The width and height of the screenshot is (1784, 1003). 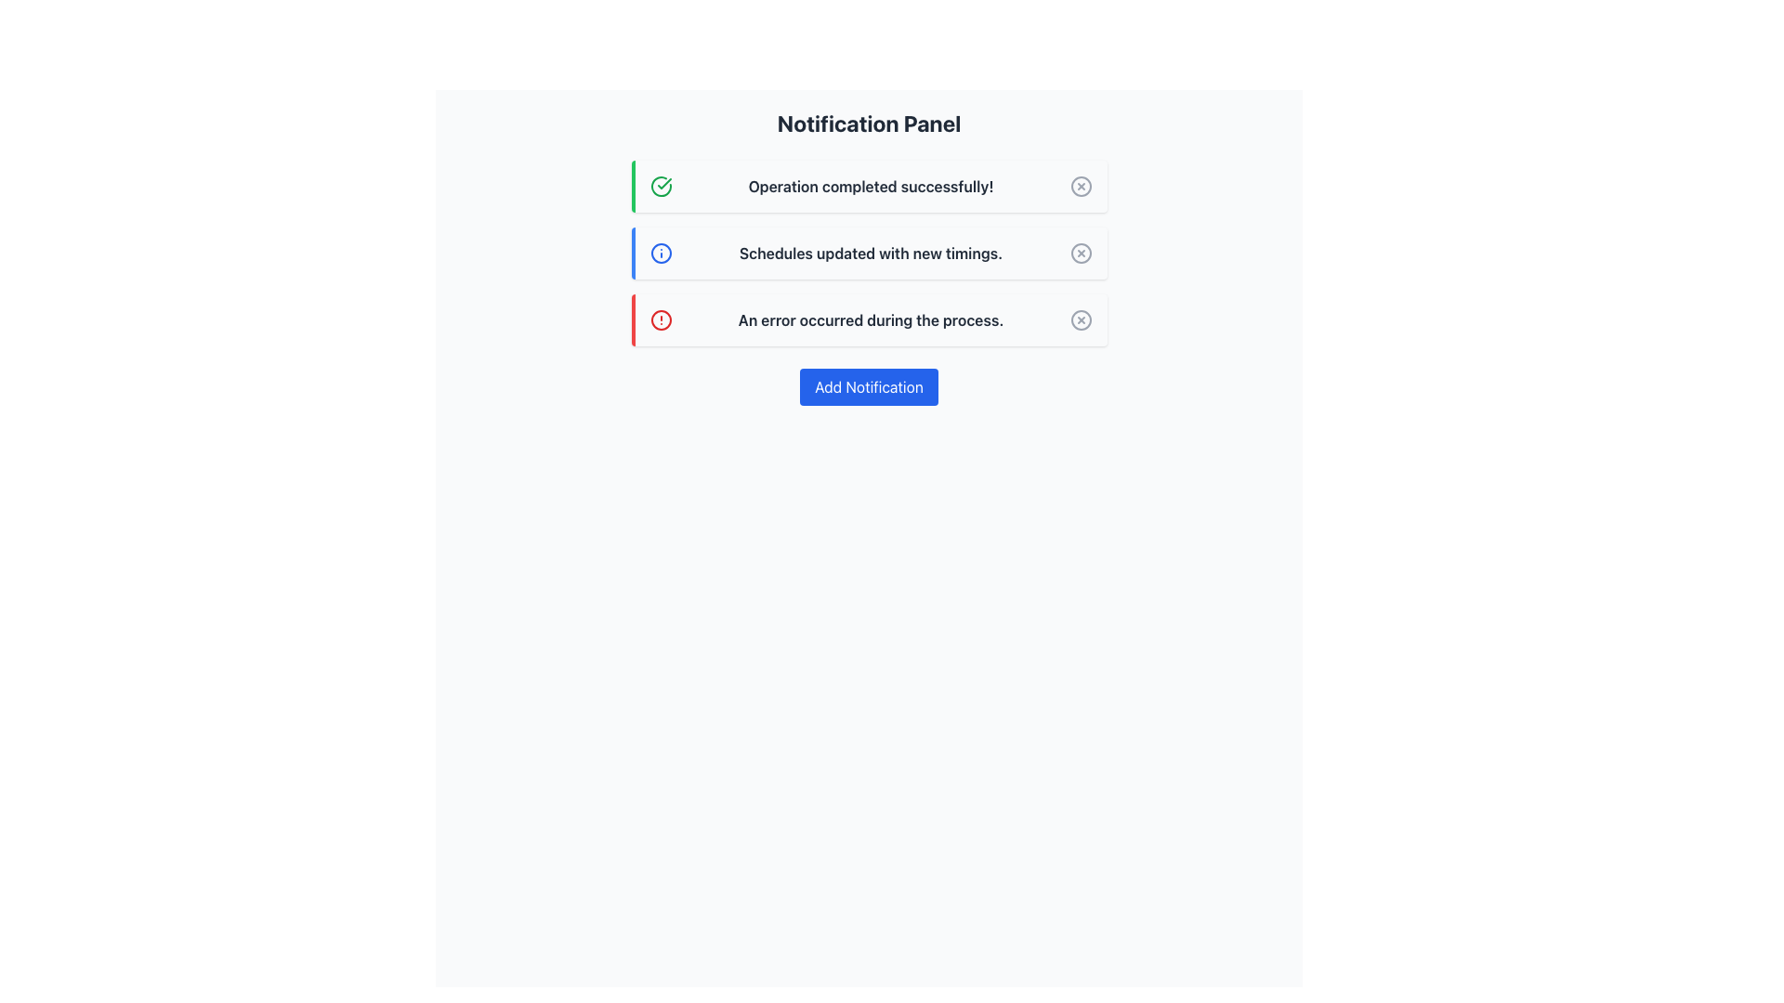 What do you see at coordinates (1081, 319) in the screenshot?
I see `the circular graphical icon in the notification panel, positioned on the right side of the third notification row next to the text 'An error occurred during the process.'` at bounding box center [1081, 319].